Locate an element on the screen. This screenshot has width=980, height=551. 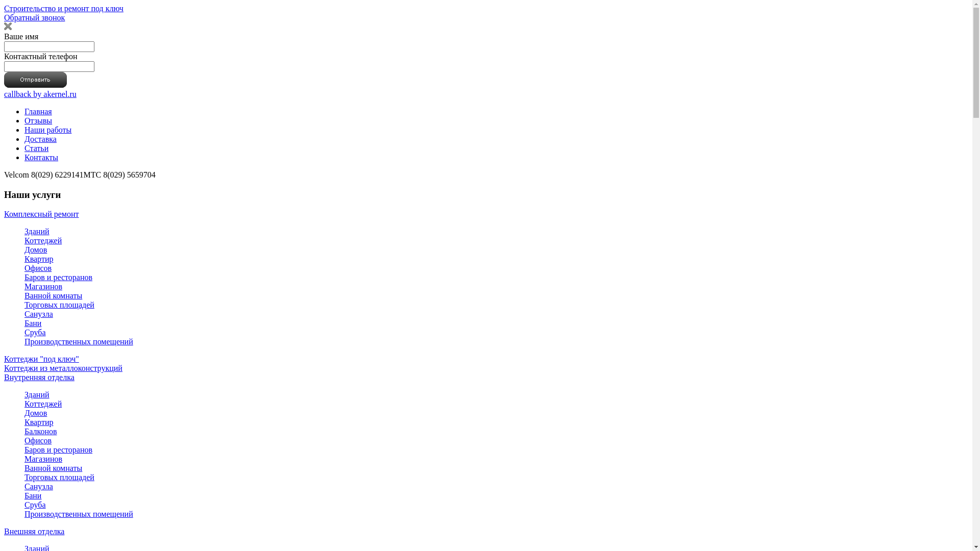
'callback by akernel.ru' is located at coordinates (40, 94).